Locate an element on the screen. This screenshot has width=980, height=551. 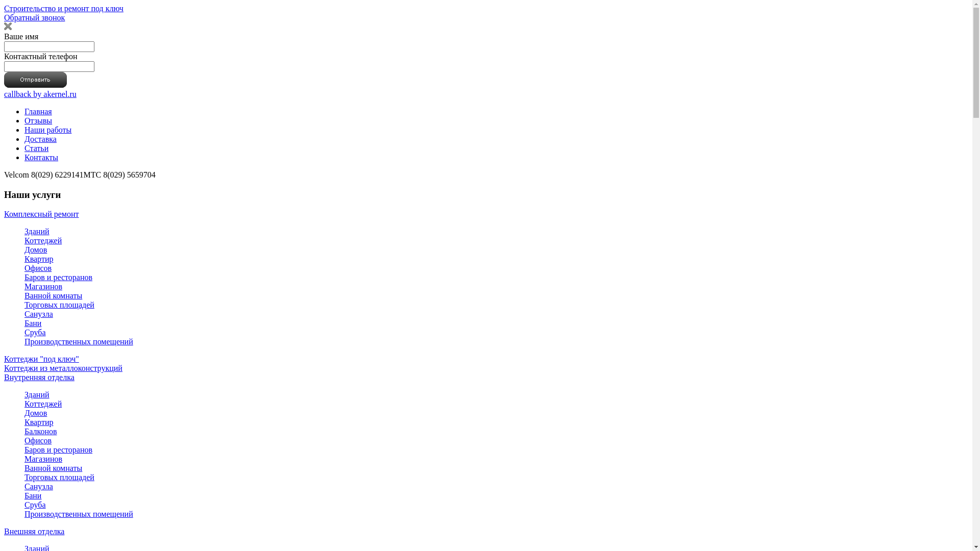
'callback by akernel.ru' is located at coordinates (40, 94).